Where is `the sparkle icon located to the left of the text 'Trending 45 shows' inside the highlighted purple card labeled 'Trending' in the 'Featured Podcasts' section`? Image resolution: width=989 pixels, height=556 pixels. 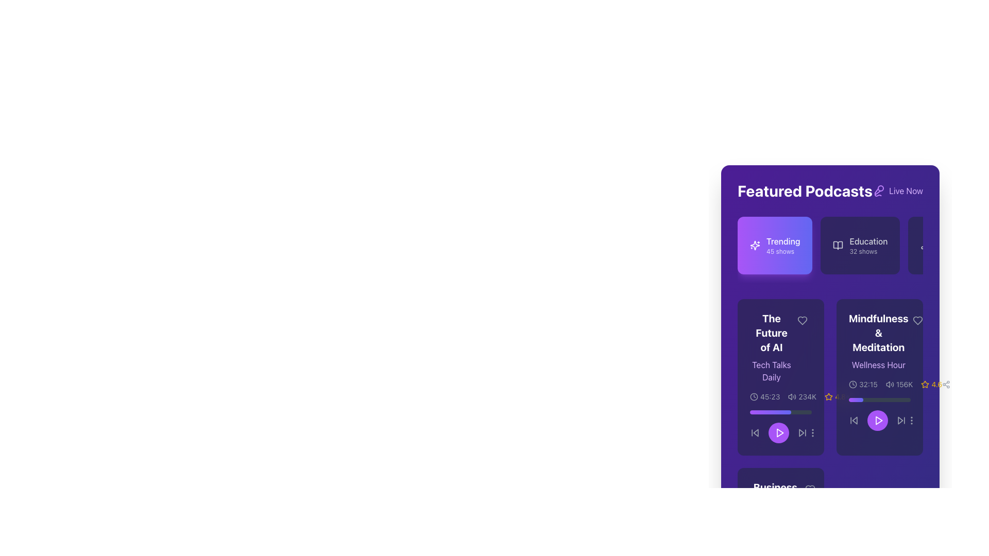
the sparkle icon located to the left of the text 'Trending 45 shows' inside the highlighted purple card labeled 'Trending' in the 'Featured Podcasts' section is located at coordinates (755, 246).